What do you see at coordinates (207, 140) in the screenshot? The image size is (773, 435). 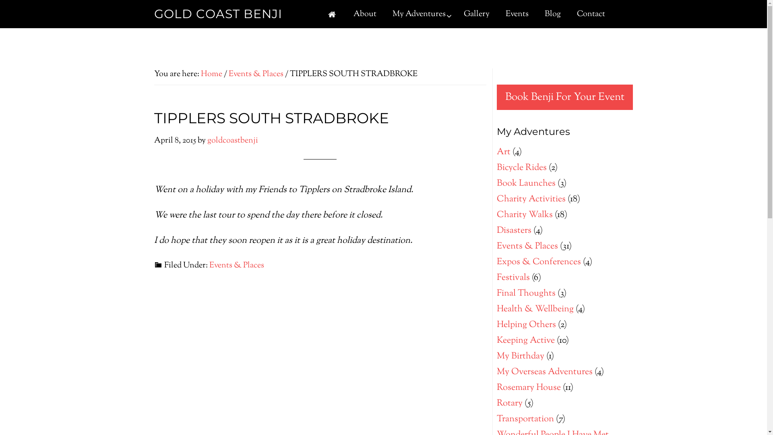 I see `'goldcoastbenji'` at bounding box center [207, 140].